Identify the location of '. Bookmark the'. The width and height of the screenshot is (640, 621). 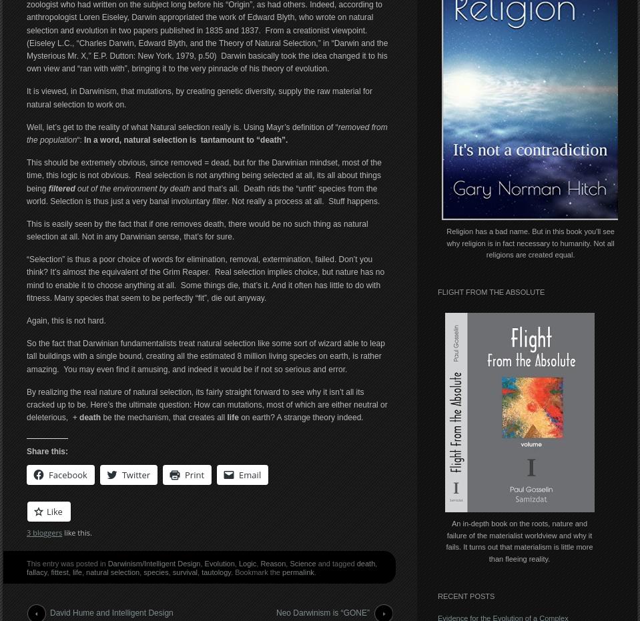
(256, 570).